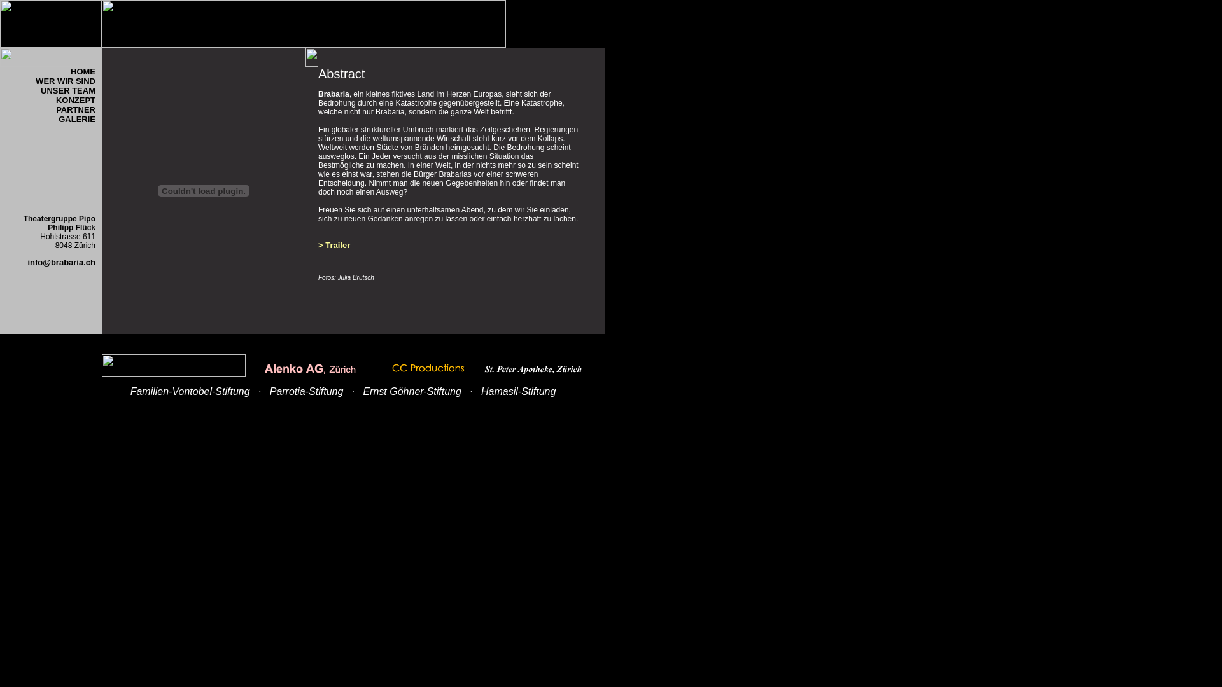 Image resolution: width=1222 pixels, height=687 pixels. Describe the element at coordinates (60, 261) in the screenshot. I see `'info@brabaria.ch'` at that location.